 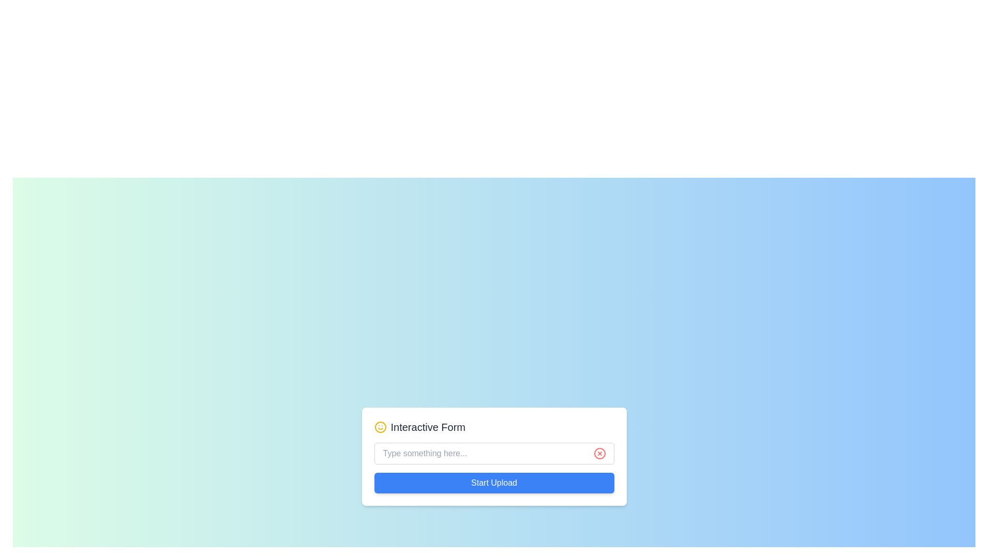 What do you see at coordinates (428, 427) in the screenshot?
I see `text displayed in the Text Label that serves as the title for the section, which says 'Interactive Form'` at bounding box center [428, 427].